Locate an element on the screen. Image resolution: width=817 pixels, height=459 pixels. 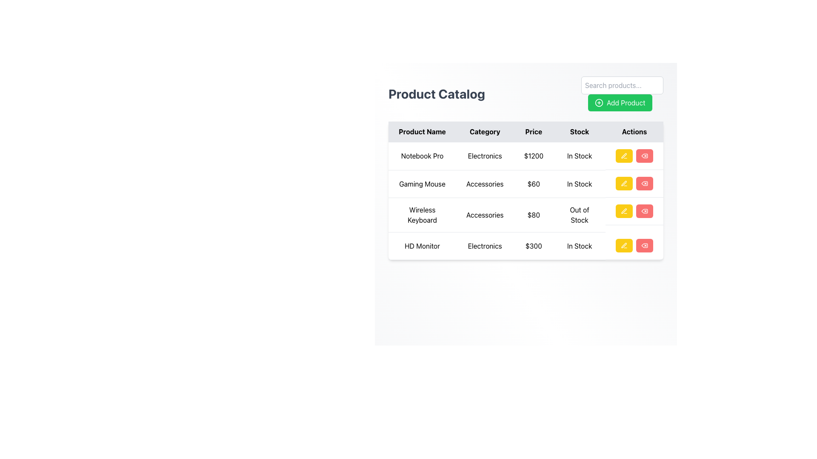
the Delete Button in the 'Actions' column is located at coordinates (645, 211).